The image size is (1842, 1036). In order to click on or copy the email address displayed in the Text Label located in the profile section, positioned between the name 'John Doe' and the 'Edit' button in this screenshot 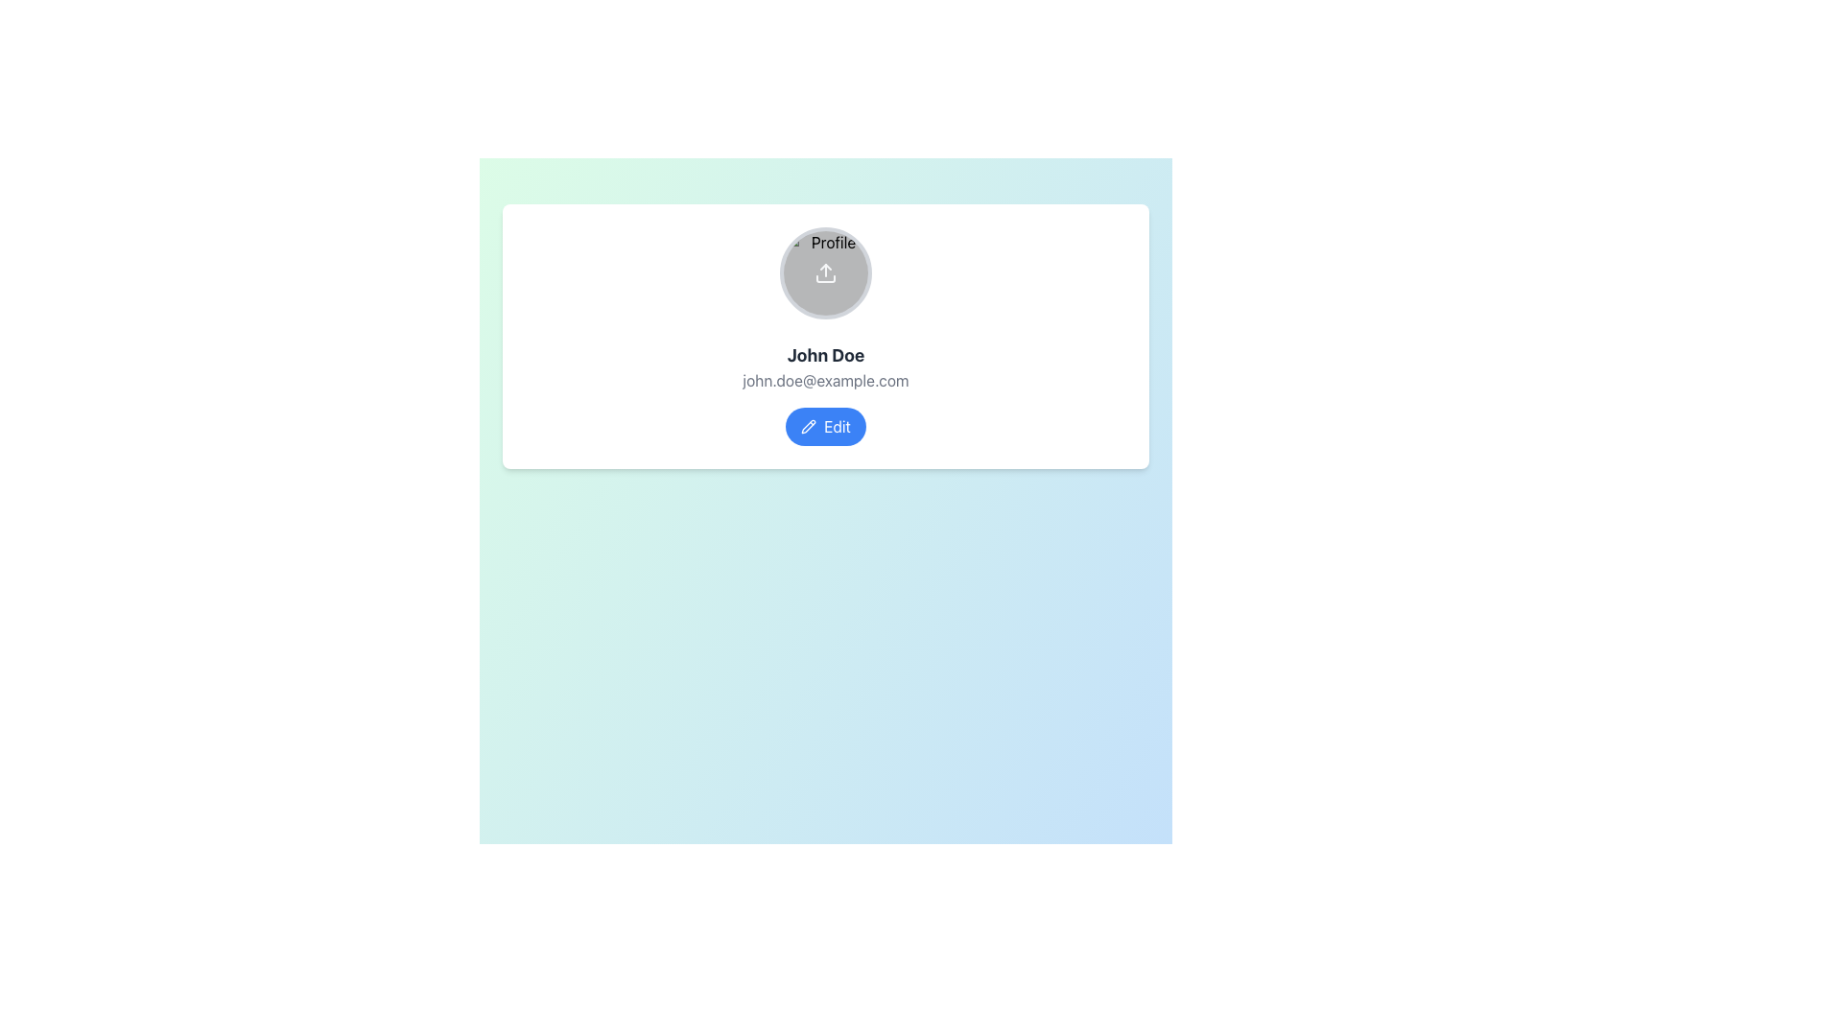, I will do `click(825, 381)`.